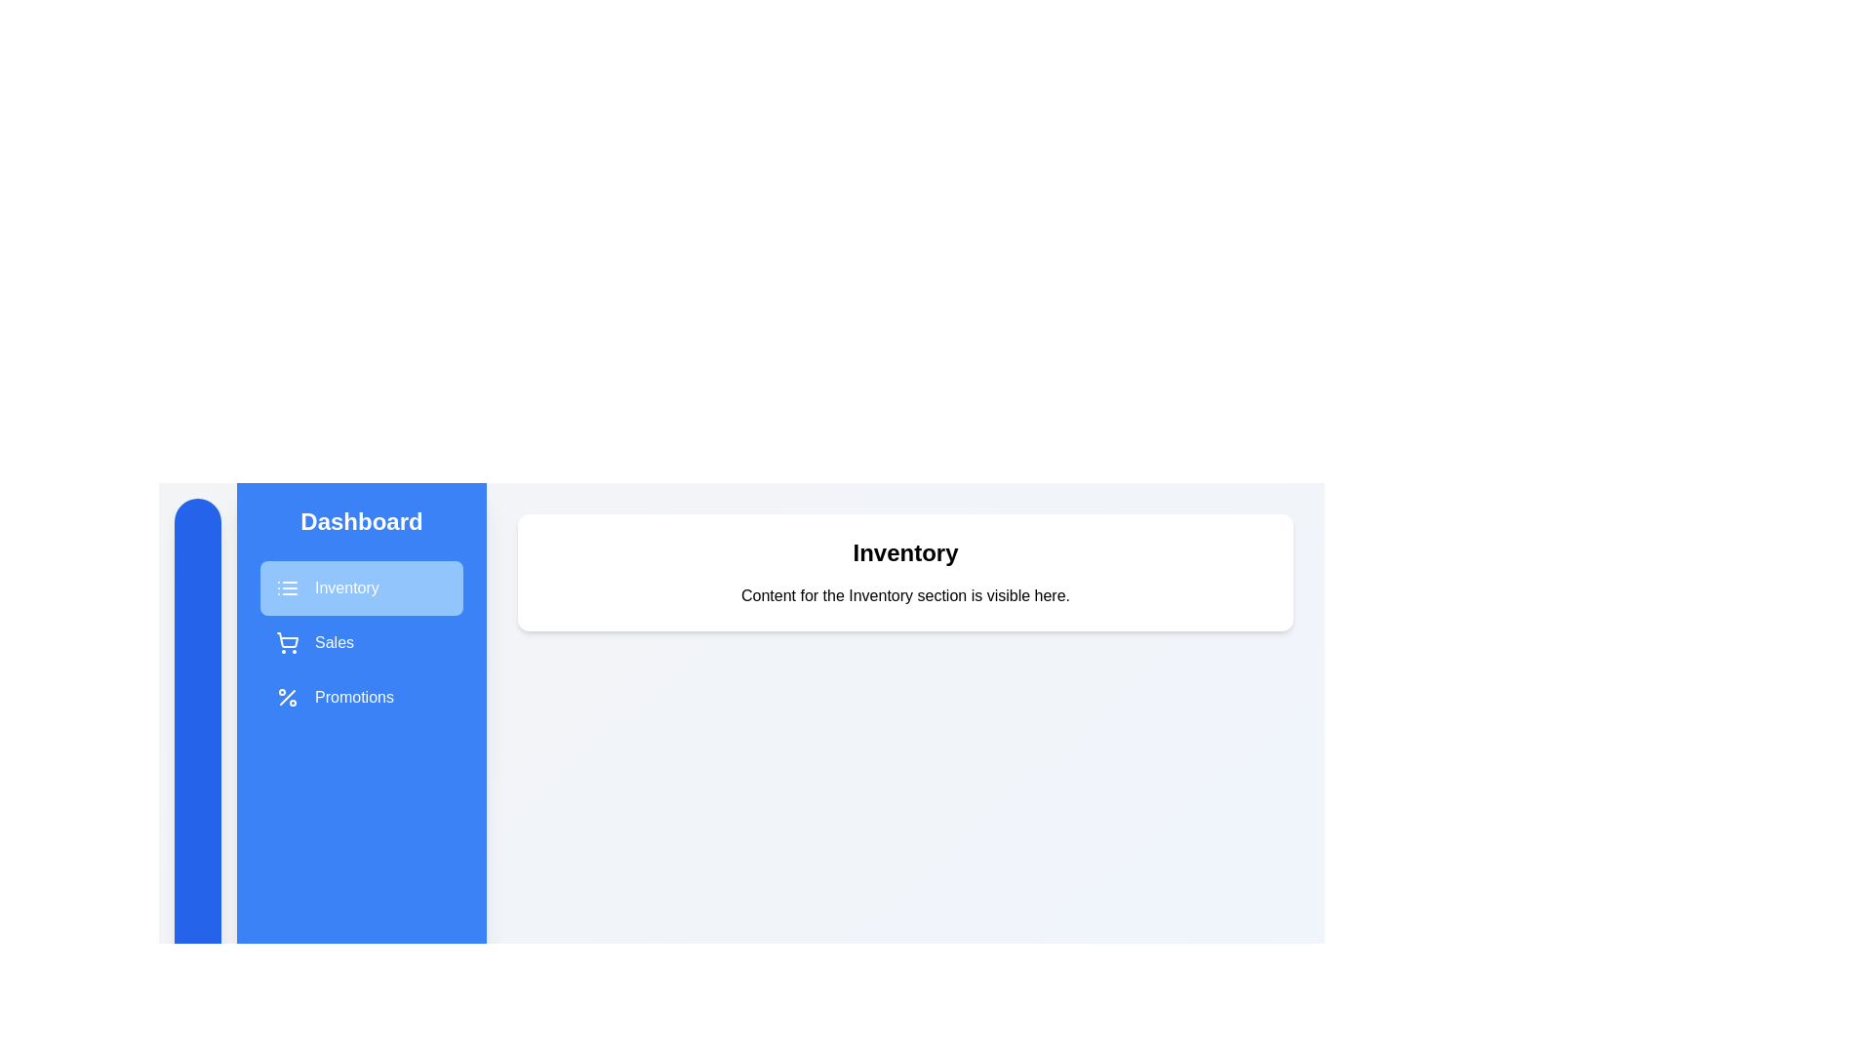 This screenshot has width=1873, height=1054. Describe the element at coordinates (361, 643) in the screenshot. I see `the sidebar item Sales` at that location.